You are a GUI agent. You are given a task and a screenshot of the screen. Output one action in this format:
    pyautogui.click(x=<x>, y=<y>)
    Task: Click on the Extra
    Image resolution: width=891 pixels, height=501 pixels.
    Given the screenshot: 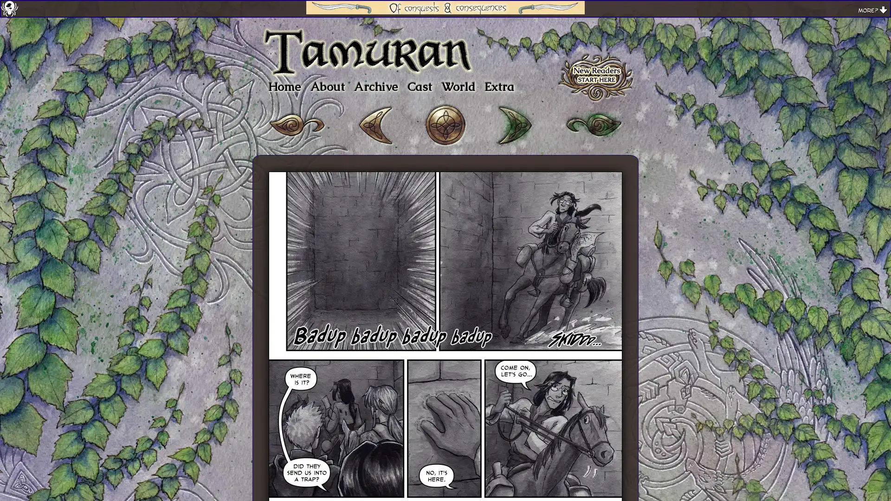 What is the action you would take?
    pyautogui.click(x=498, y=87)
    